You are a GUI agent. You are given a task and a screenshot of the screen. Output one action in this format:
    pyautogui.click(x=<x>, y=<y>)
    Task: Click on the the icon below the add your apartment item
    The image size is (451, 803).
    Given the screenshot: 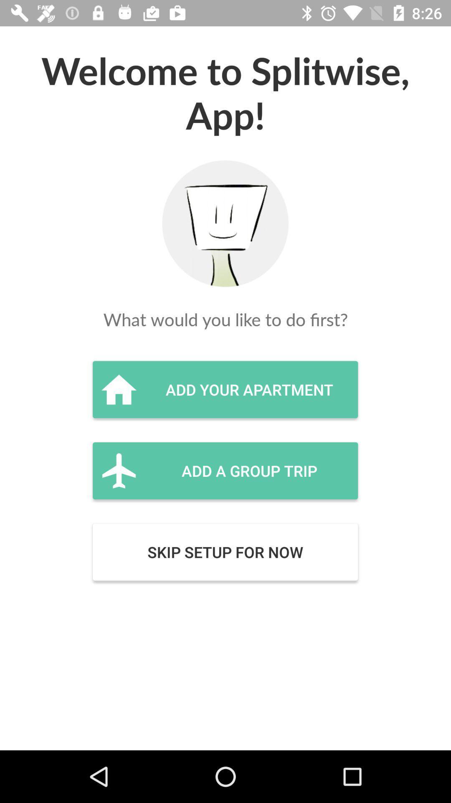 What is the action you would take?
    pyautogui.click(x=225, y=471)
    